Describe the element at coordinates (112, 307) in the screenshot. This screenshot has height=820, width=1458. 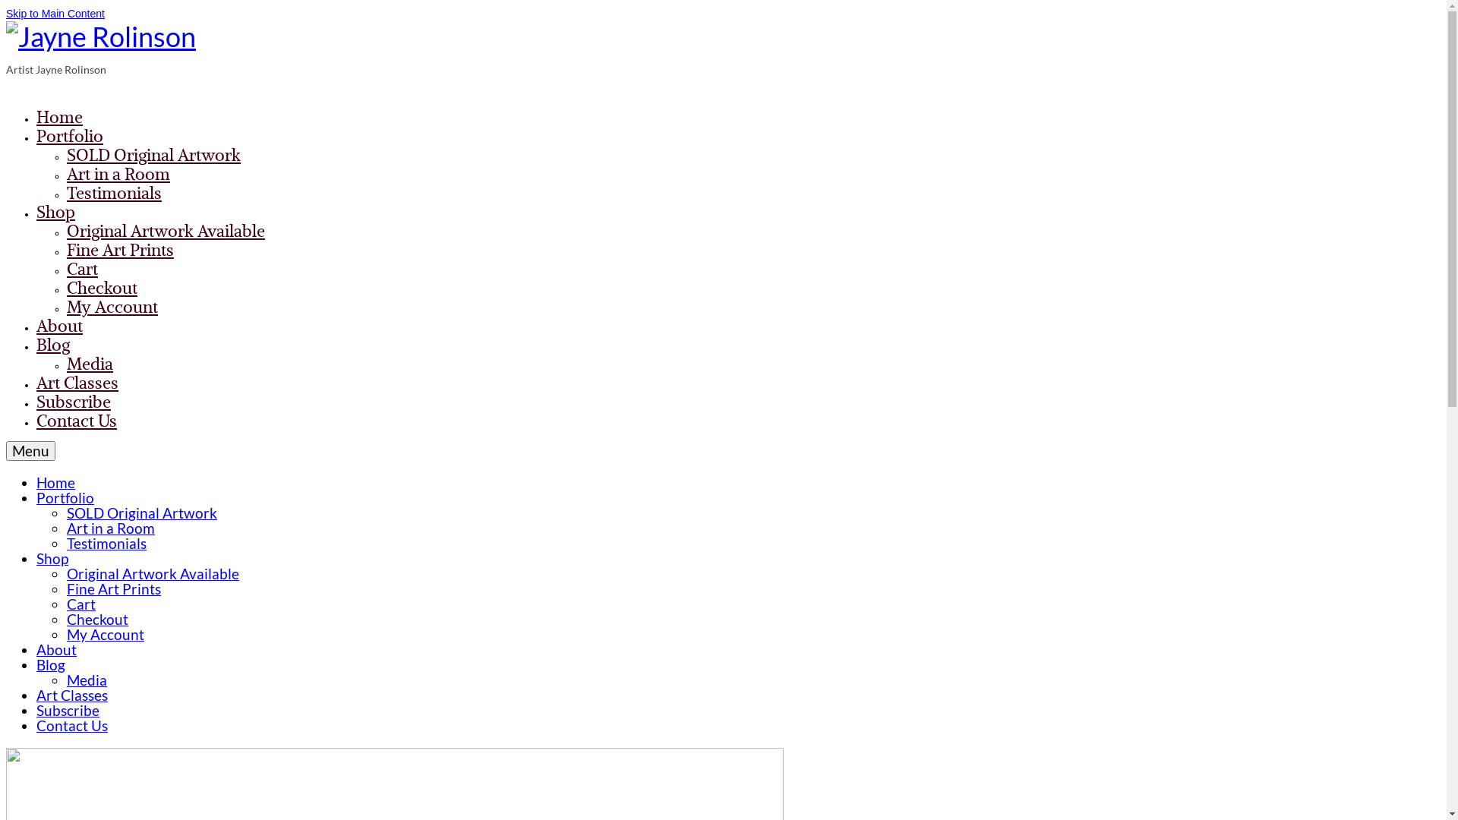
I see `'My Account'` at that location.